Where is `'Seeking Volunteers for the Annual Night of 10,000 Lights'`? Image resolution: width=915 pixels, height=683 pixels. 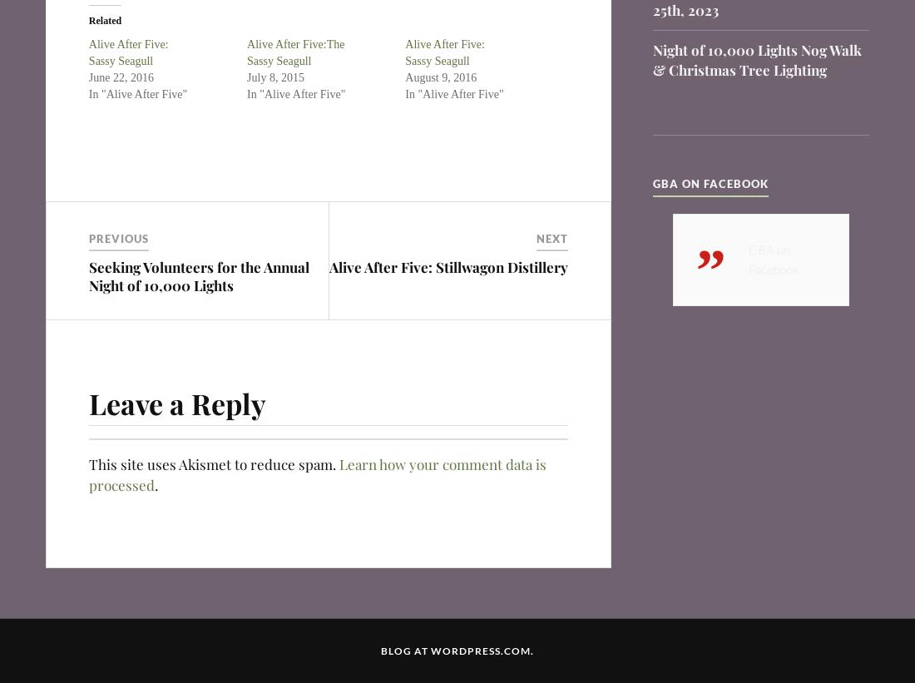
'Seeking Volunteers for the Annual Night of 10,000 Lights' is located at coordinates (198, 275).